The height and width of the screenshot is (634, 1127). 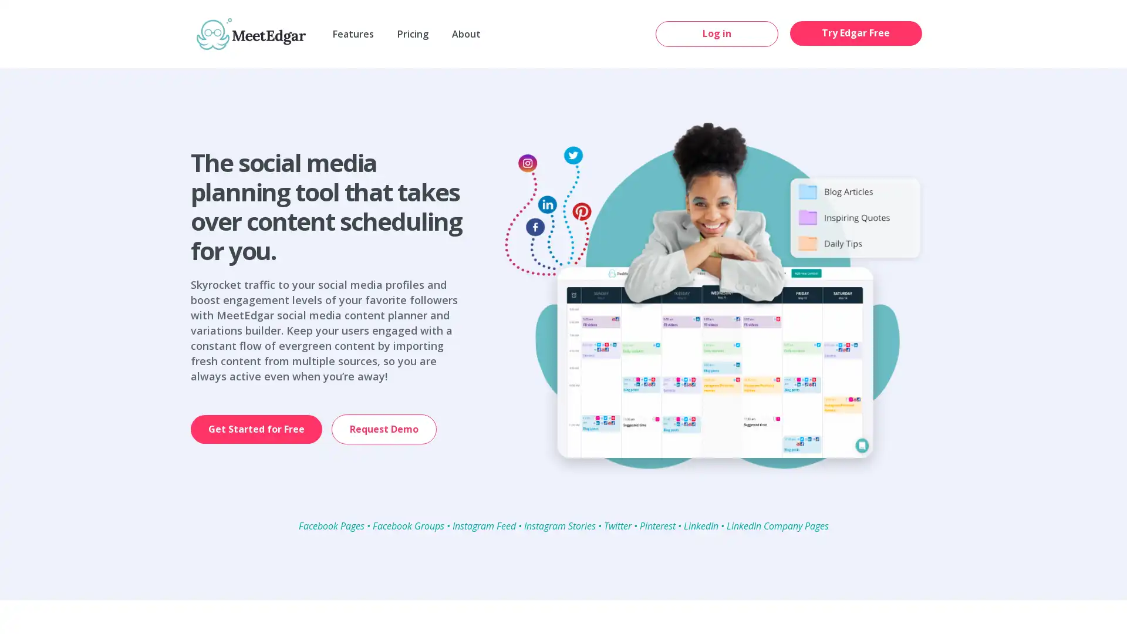 I want to click on Request Demo, so click(x=384, y=429).